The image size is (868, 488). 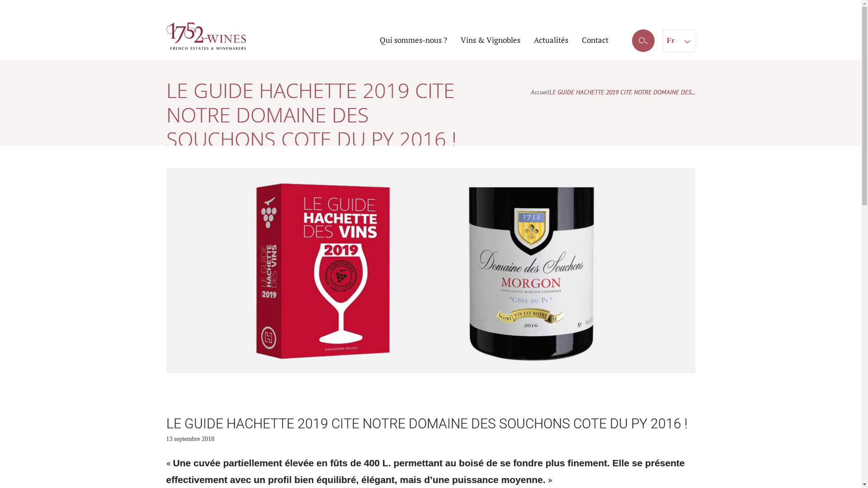 What do you see at coordinates (413, 39) in the screenshot?
I see `'Qui sommes-nous ?'` at bounding box center [413, 39].